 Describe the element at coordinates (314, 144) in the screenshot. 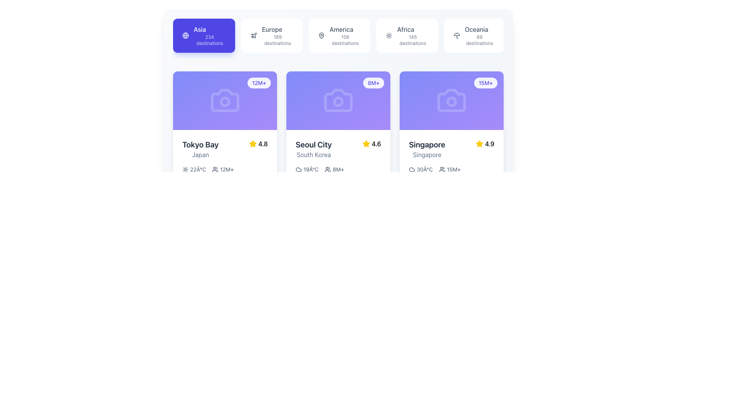

I see `the text label displaying 'Seoul City', which is part of a travel destination card located in the top section of the card above 'South Korea'` at that location.